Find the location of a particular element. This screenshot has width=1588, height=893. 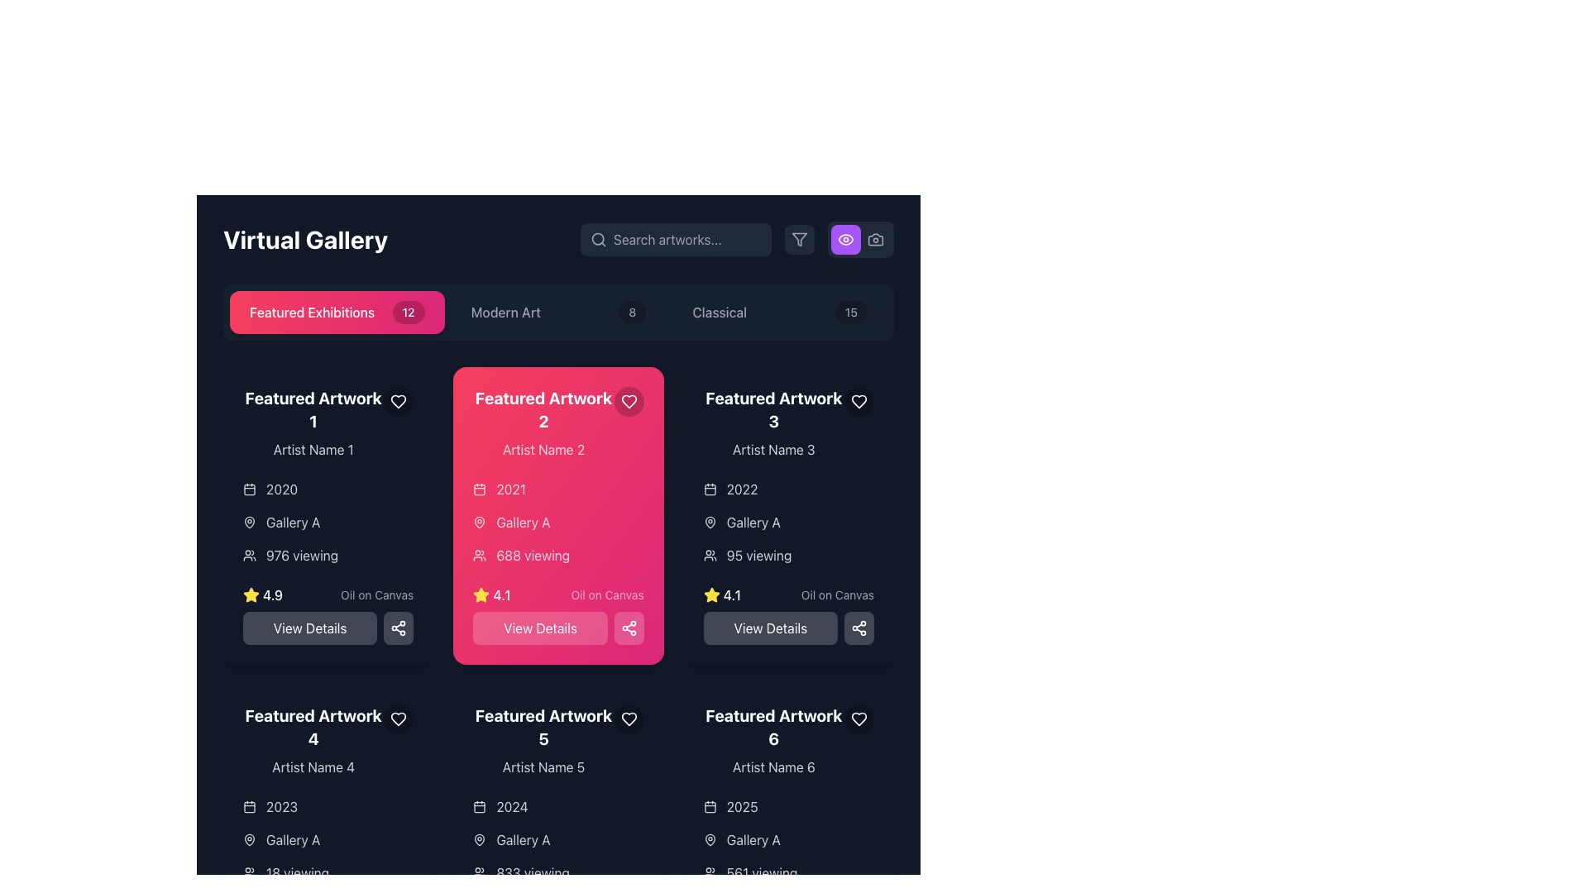

metadata information displayed in the informational component of 'Featured Artwork 2', located in the second column of the gallery grid layout, beneath the title and artist name is located at coordinates (558, 523).